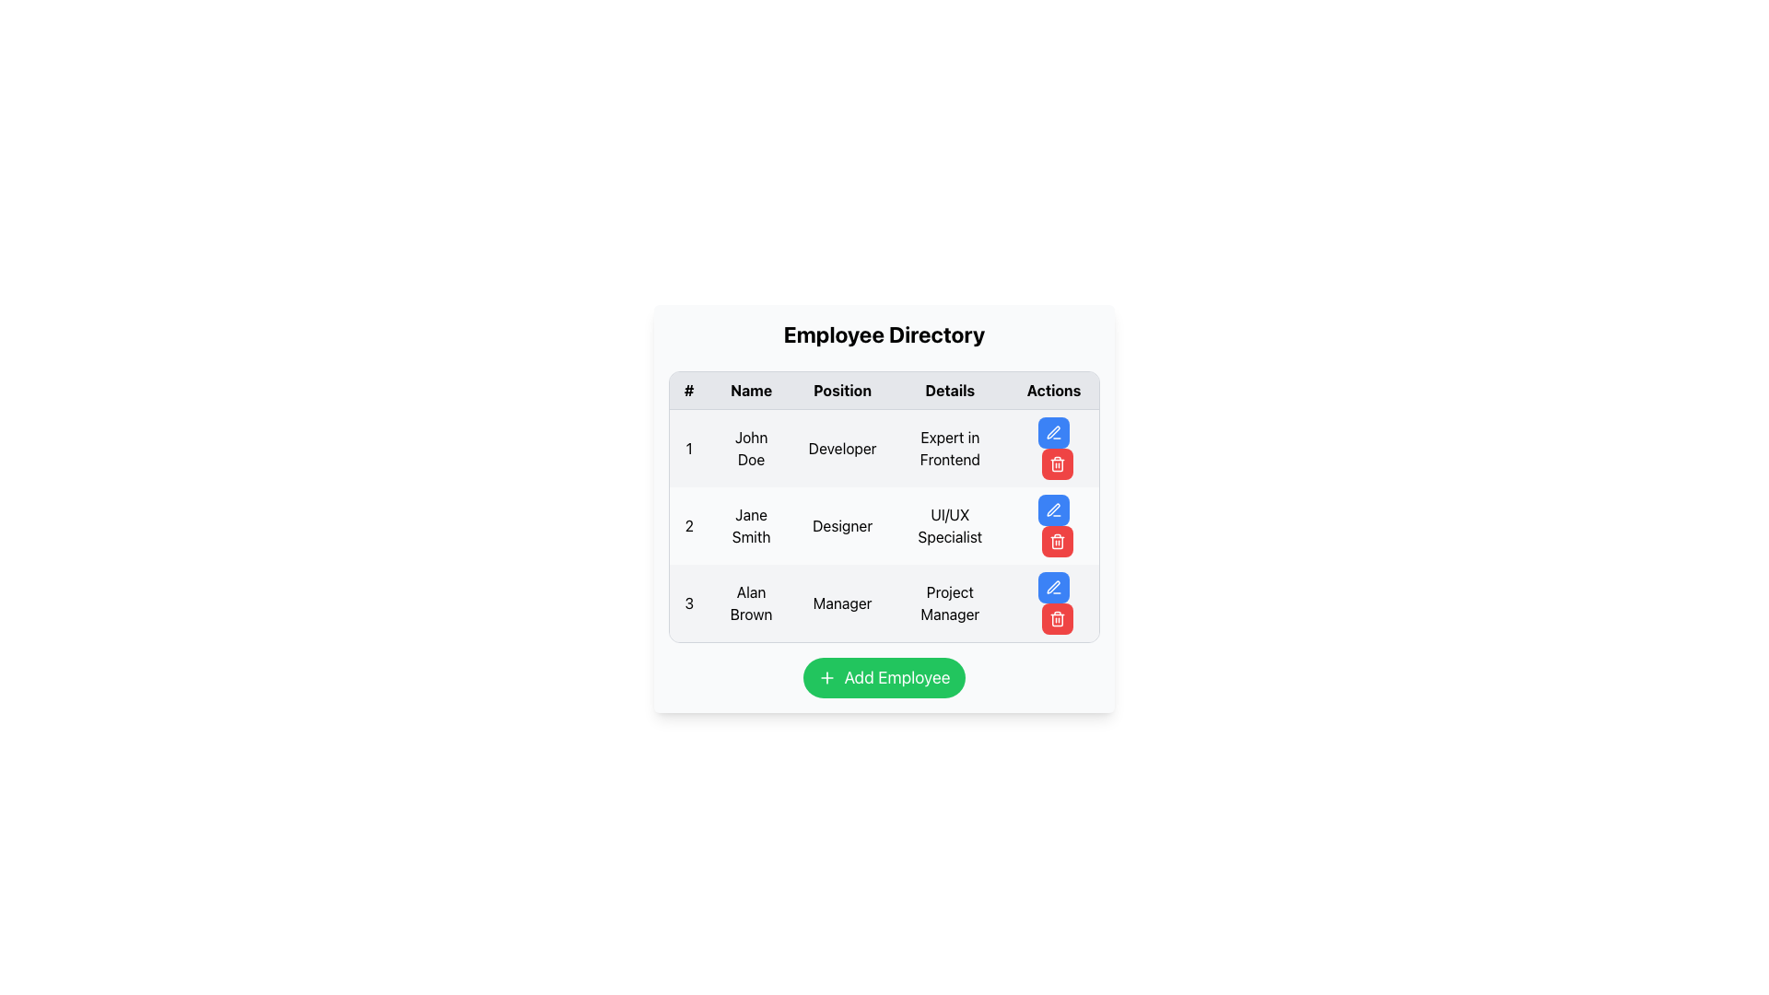 The width and height of the screenshot is (1769, 995). What do you see at coordinates (950, 603) in the screenshot?
I see `the 'Project Manager' text label located in the 'Details' column of the table, specifically in the fourth cell of the row for employee 'Alan Brown'` at bounding box center [950, 603].